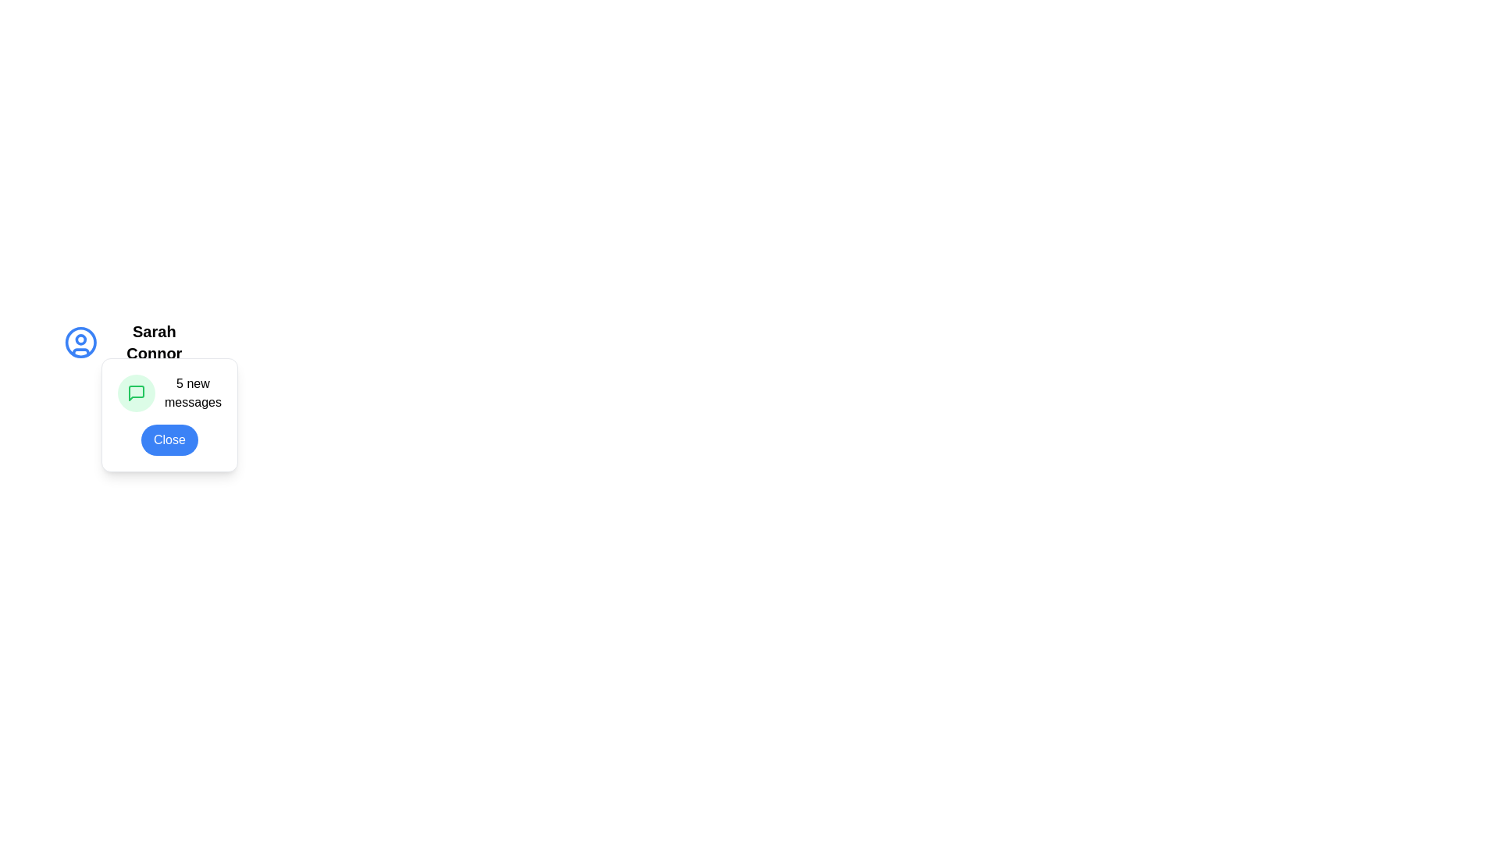 The height and width of the screenshot is (843, 1499). Describe the element at coordinates (126, 382) in the screenshot. I see `the notification icon located in the top-left corner of the white dialog box beneath the 'Sarah Connor' header, which indicates 5 new messages` at that location.